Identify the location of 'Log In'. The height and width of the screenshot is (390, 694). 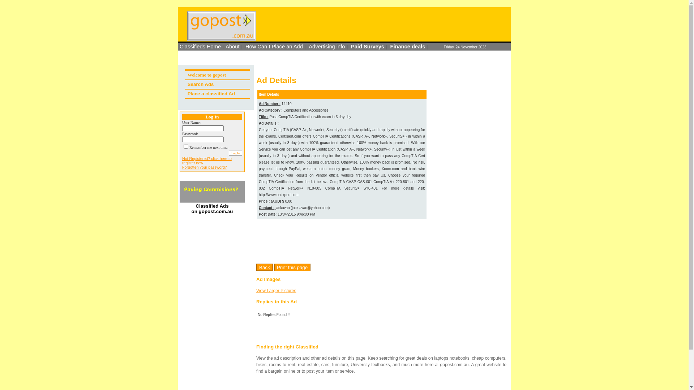
(235, 153).